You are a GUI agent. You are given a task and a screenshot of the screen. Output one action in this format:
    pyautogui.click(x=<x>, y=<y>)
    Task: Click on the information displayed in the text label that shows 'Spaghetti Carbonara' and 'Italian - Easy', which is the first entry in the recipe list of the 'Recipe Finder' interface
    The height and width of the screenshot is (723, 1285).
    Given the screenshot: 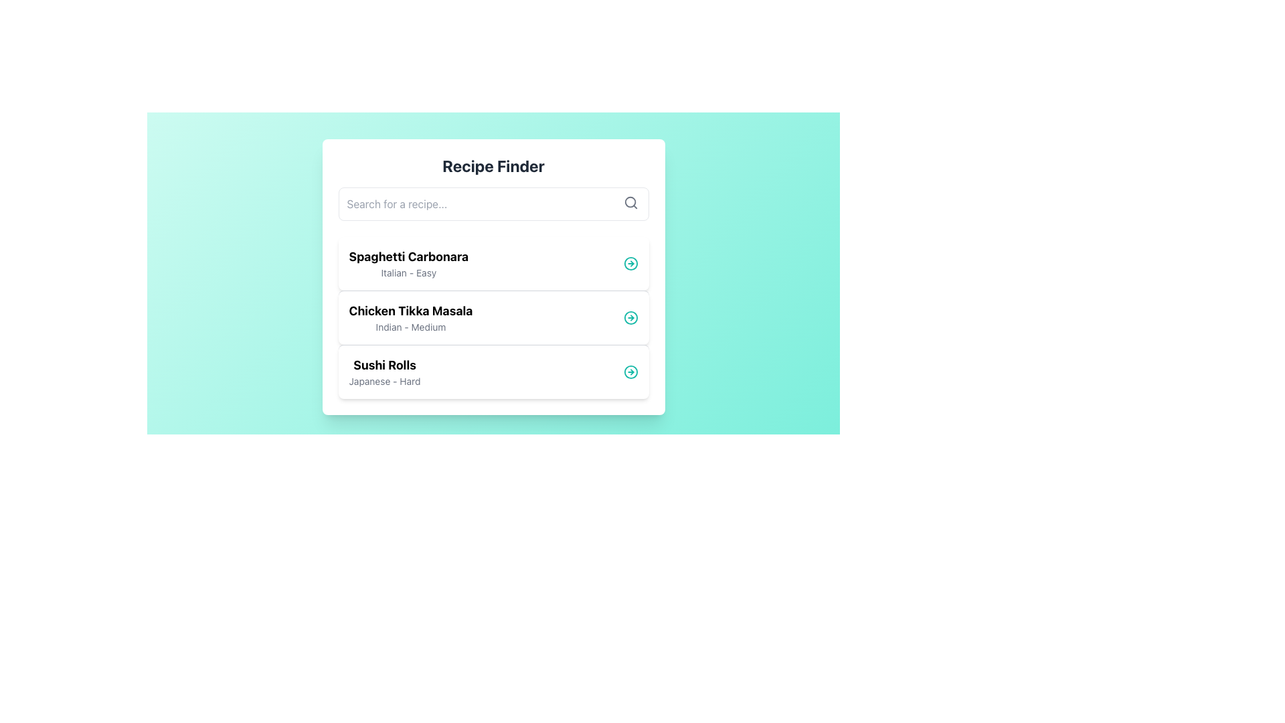 What is the action you would take?
    pyautogui.click(x=408, y=263)
    